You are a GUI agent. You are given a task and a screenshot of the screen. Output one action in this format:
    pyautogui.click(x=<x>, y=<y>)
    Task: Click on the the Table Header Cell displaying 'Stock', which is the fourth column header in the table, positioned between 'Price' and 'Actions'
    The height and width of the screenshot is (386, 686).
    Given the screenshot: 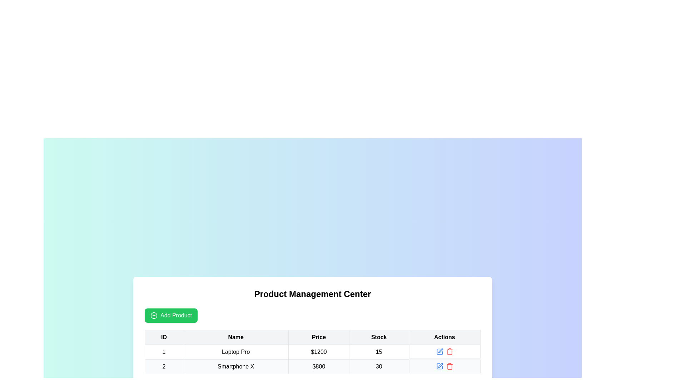 What is the action you would take?
    pyautogui.click(x=378, y=337)
    